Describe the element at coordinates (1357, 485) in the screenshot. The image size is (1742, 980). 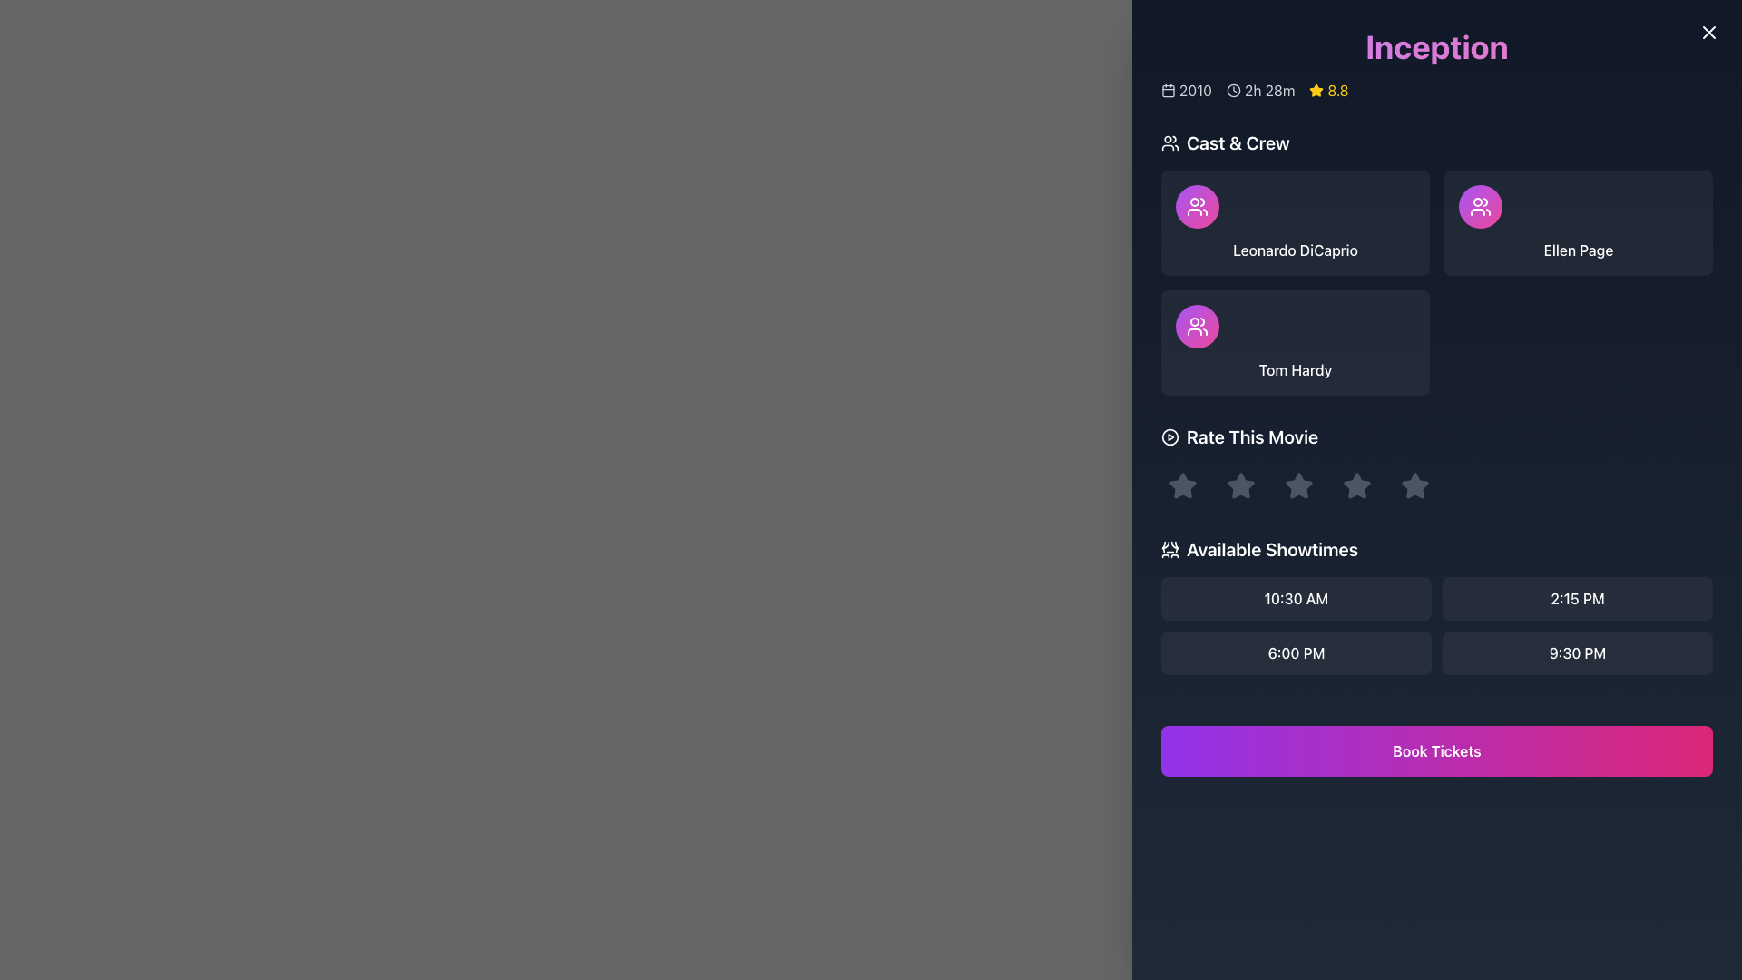
I see `the fourth star icon` at that location.